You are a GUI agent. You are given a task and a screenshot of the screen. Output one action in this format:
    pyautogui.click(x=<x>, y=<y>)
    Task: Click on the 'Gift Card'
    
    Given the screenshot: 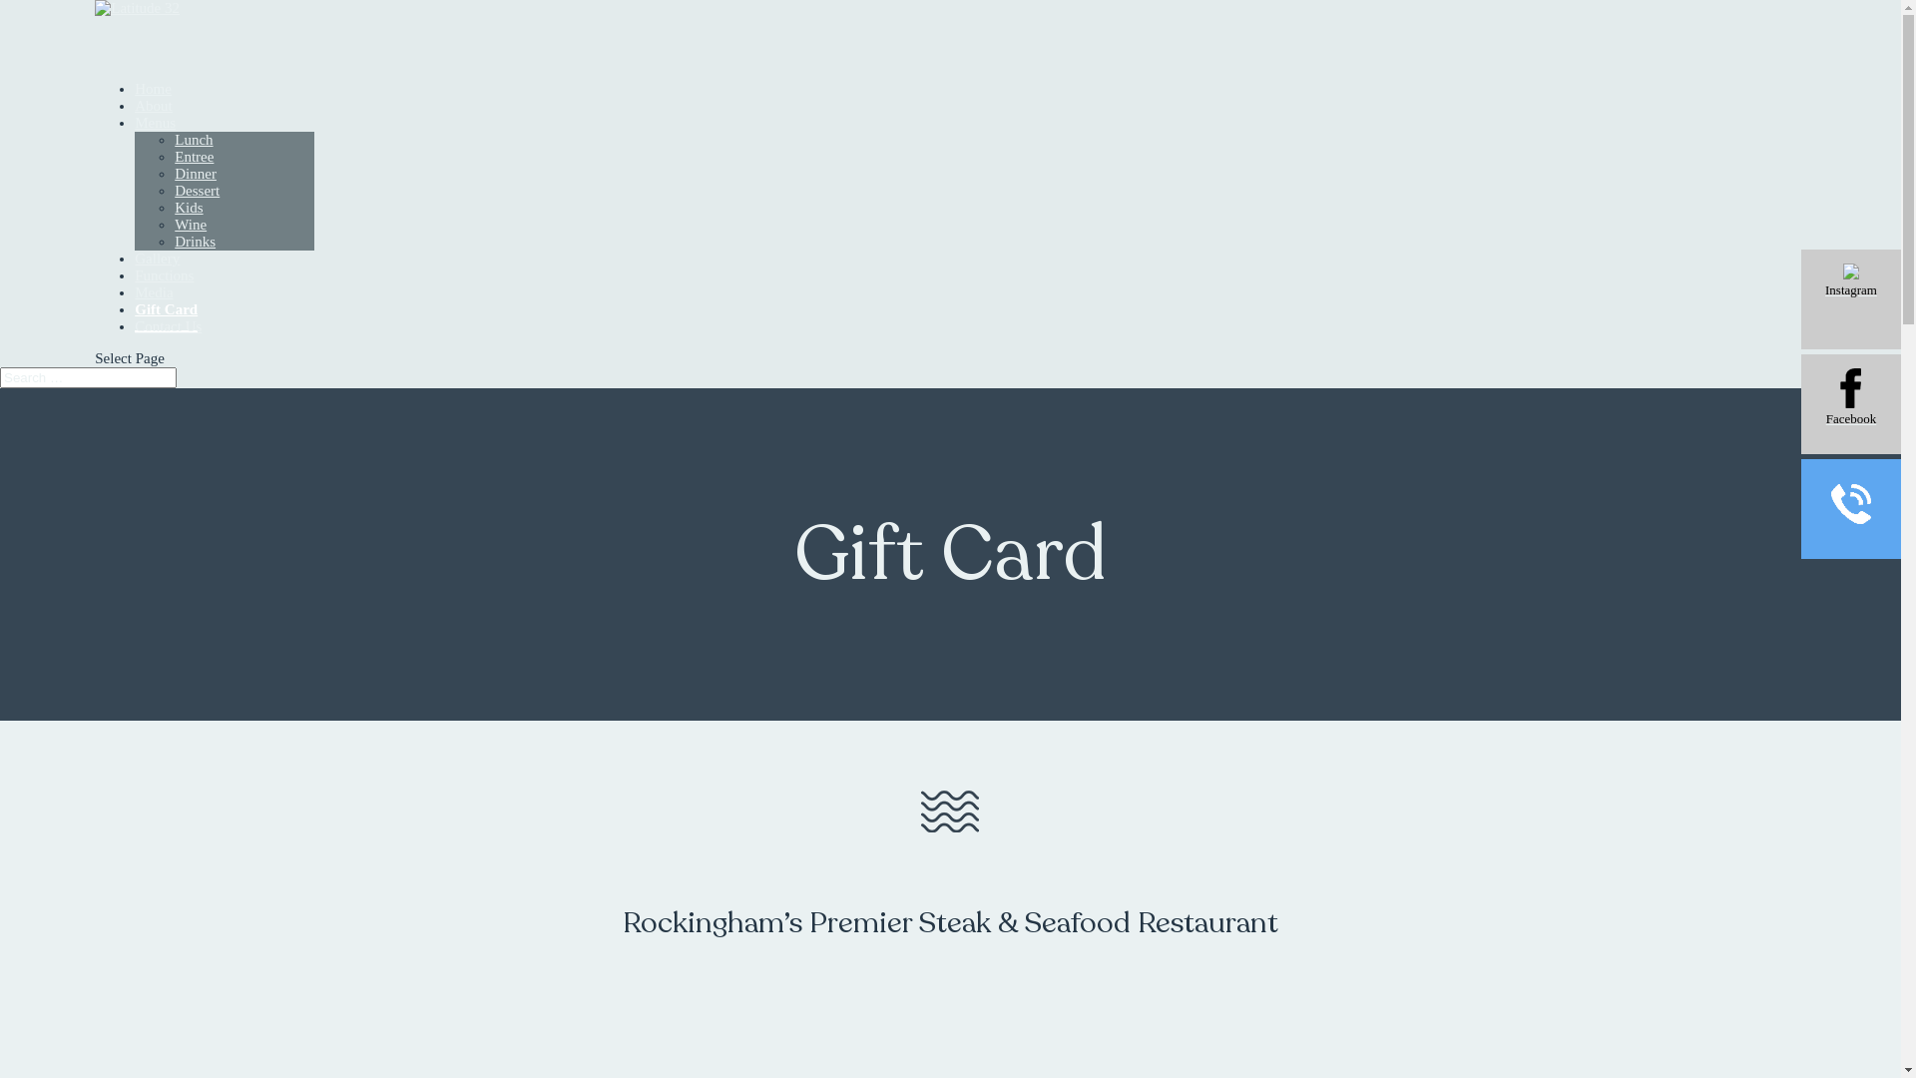 What is the action you would take?
    pyautogui.click(x=166, y=315)
    